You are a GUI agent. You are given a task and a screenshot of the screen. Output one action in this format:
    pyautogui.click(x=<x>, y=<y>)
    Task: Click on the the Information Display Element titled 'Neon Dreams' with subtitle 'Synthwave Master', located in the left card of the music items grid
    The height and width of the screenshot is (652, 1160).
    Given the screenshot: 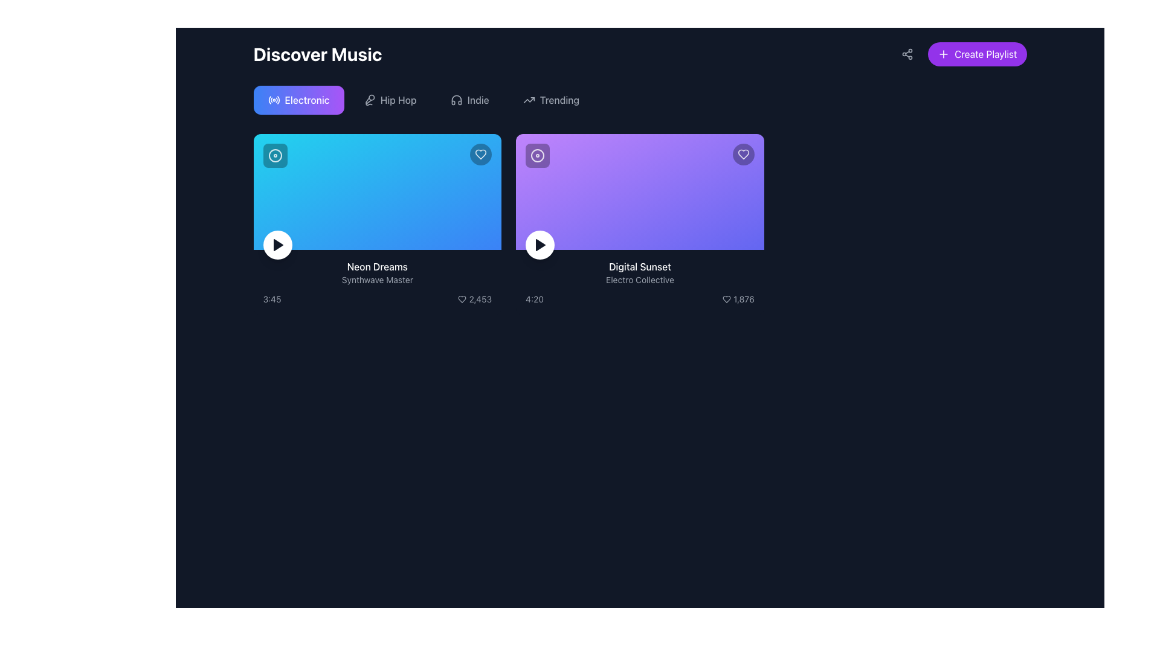 What is the action you would take?
    pyautogui.click(x=376, y=282)
    